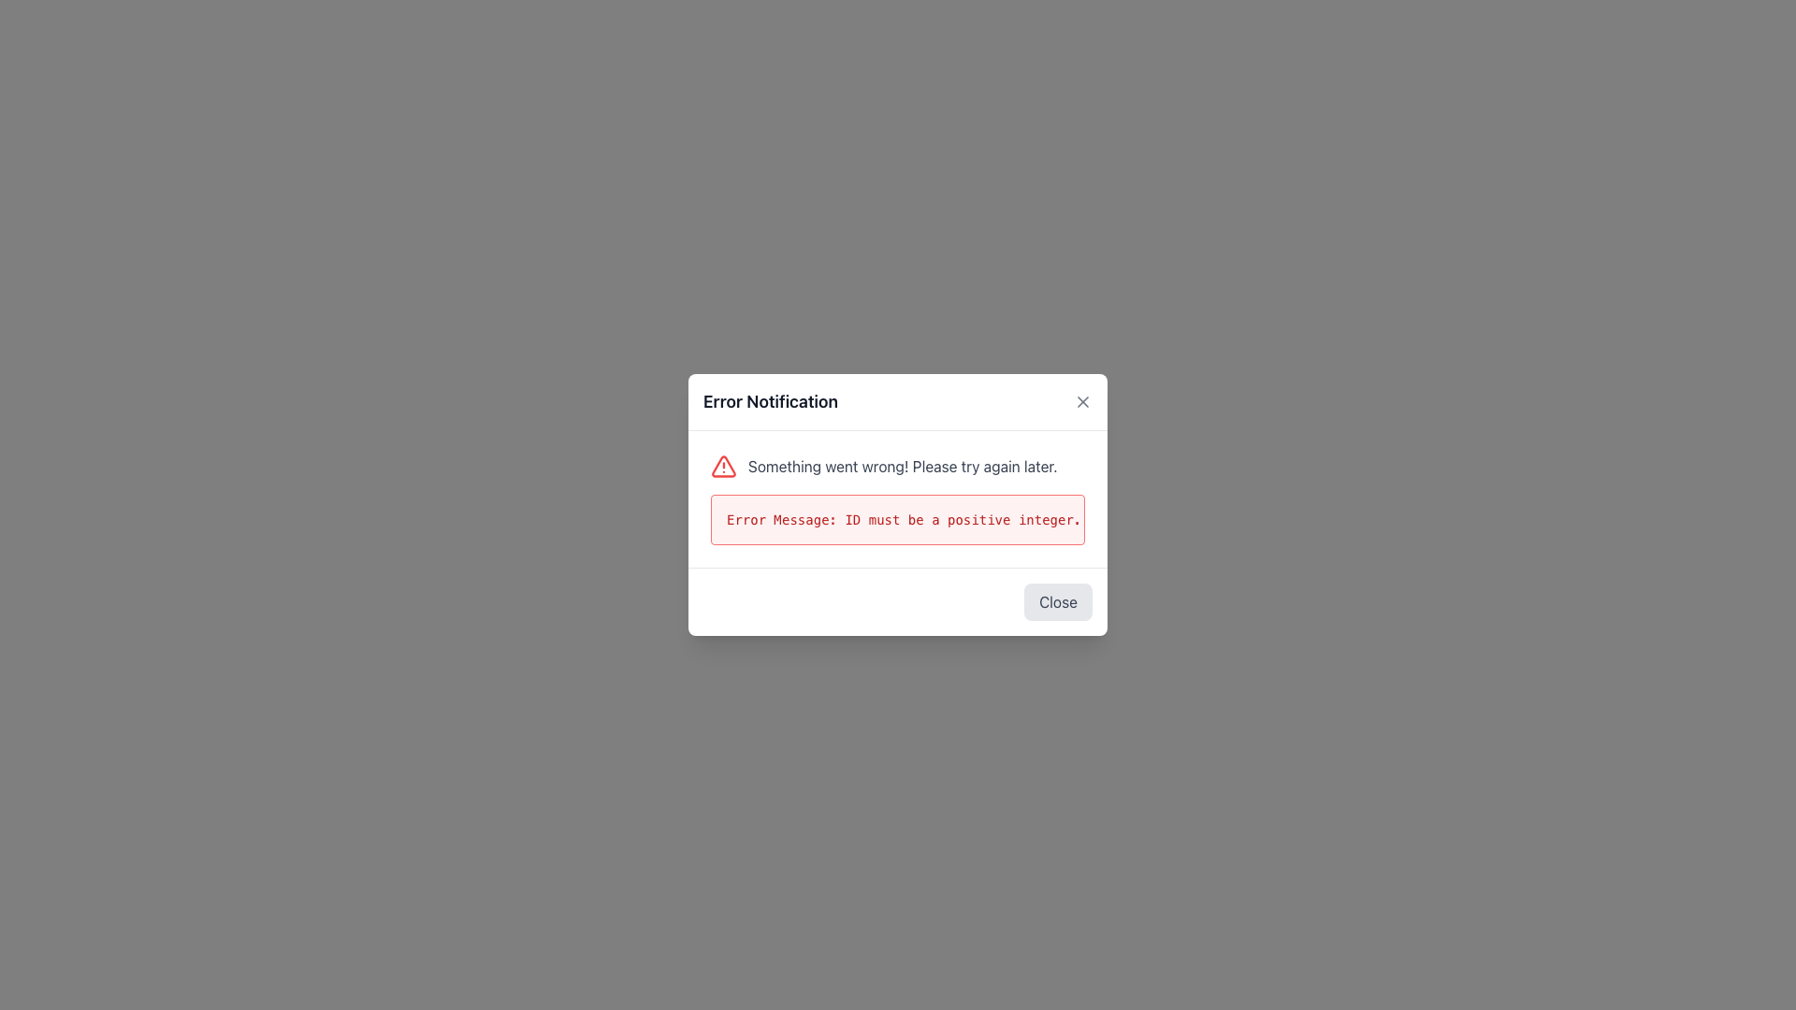 The width and height of the screenshot is (1796, 1010). What do you see at coordinates (1058, 602) in the screenshot?
I see `the close button in the bottom-right corner of the notification dialog` at bounding box center [1058, 602].